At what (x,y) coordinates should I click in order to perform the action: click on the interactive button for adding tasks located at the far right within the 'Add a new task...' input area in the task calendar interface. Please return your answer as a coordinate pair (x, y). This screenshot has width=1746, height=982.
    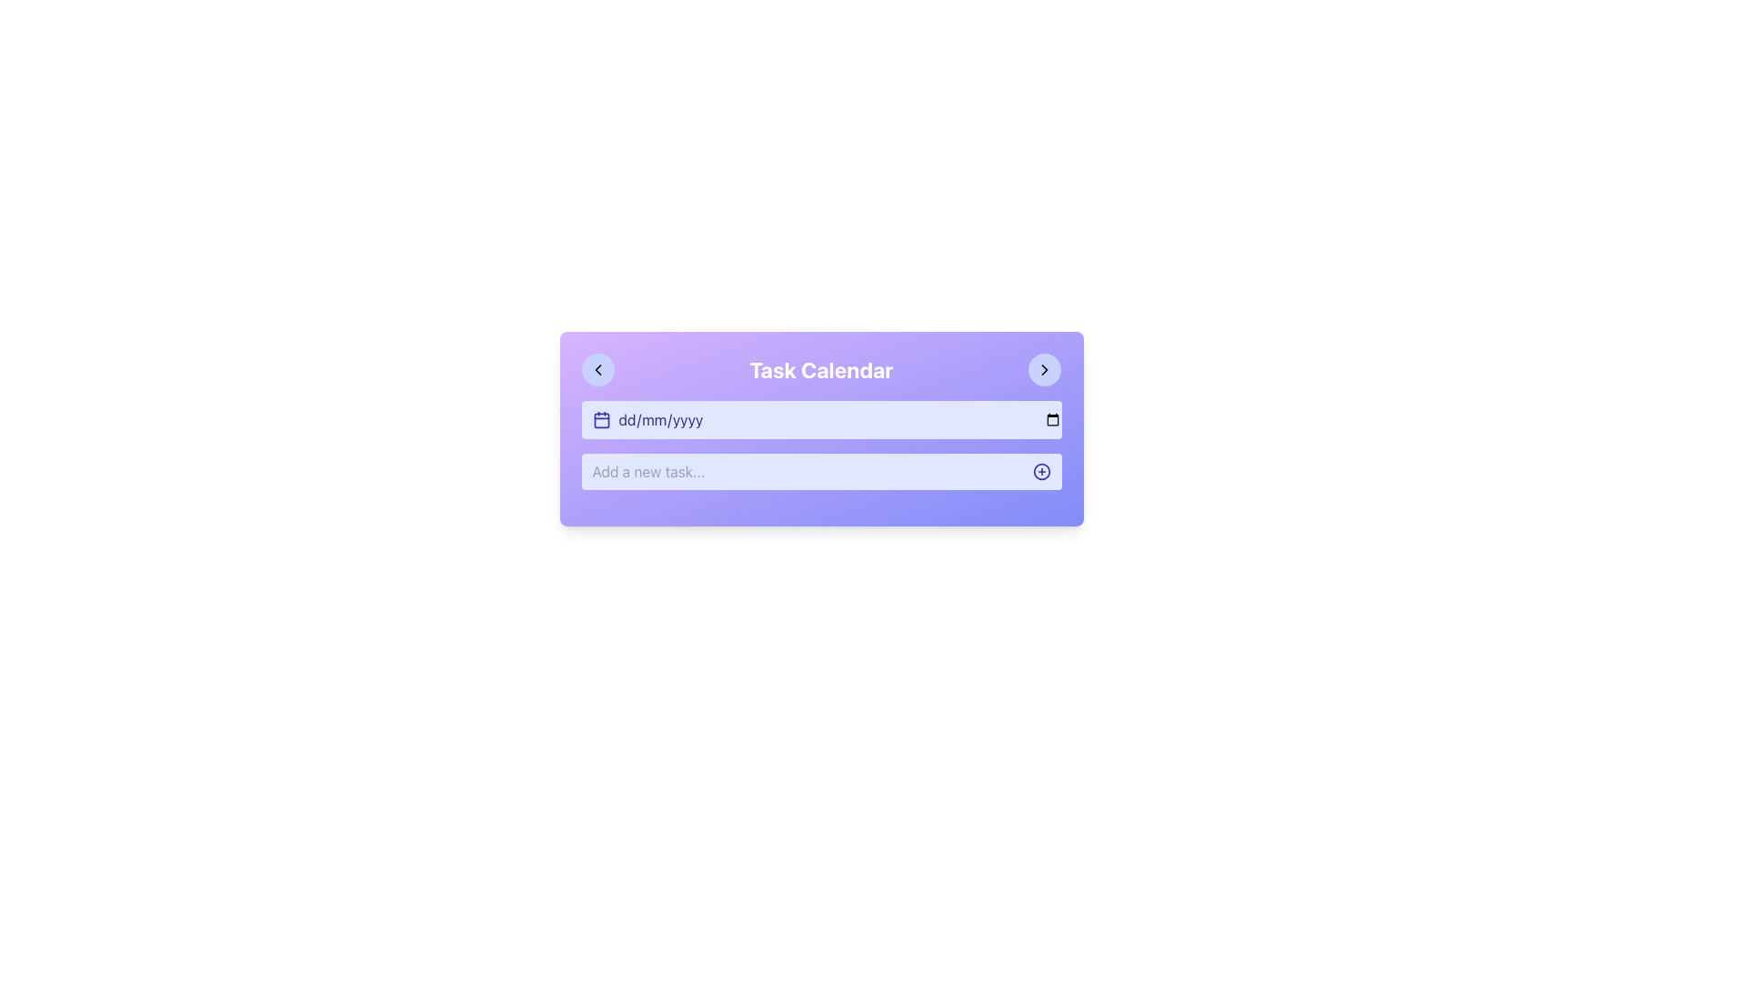
    Looking at the image, I should click on (1041, 471).